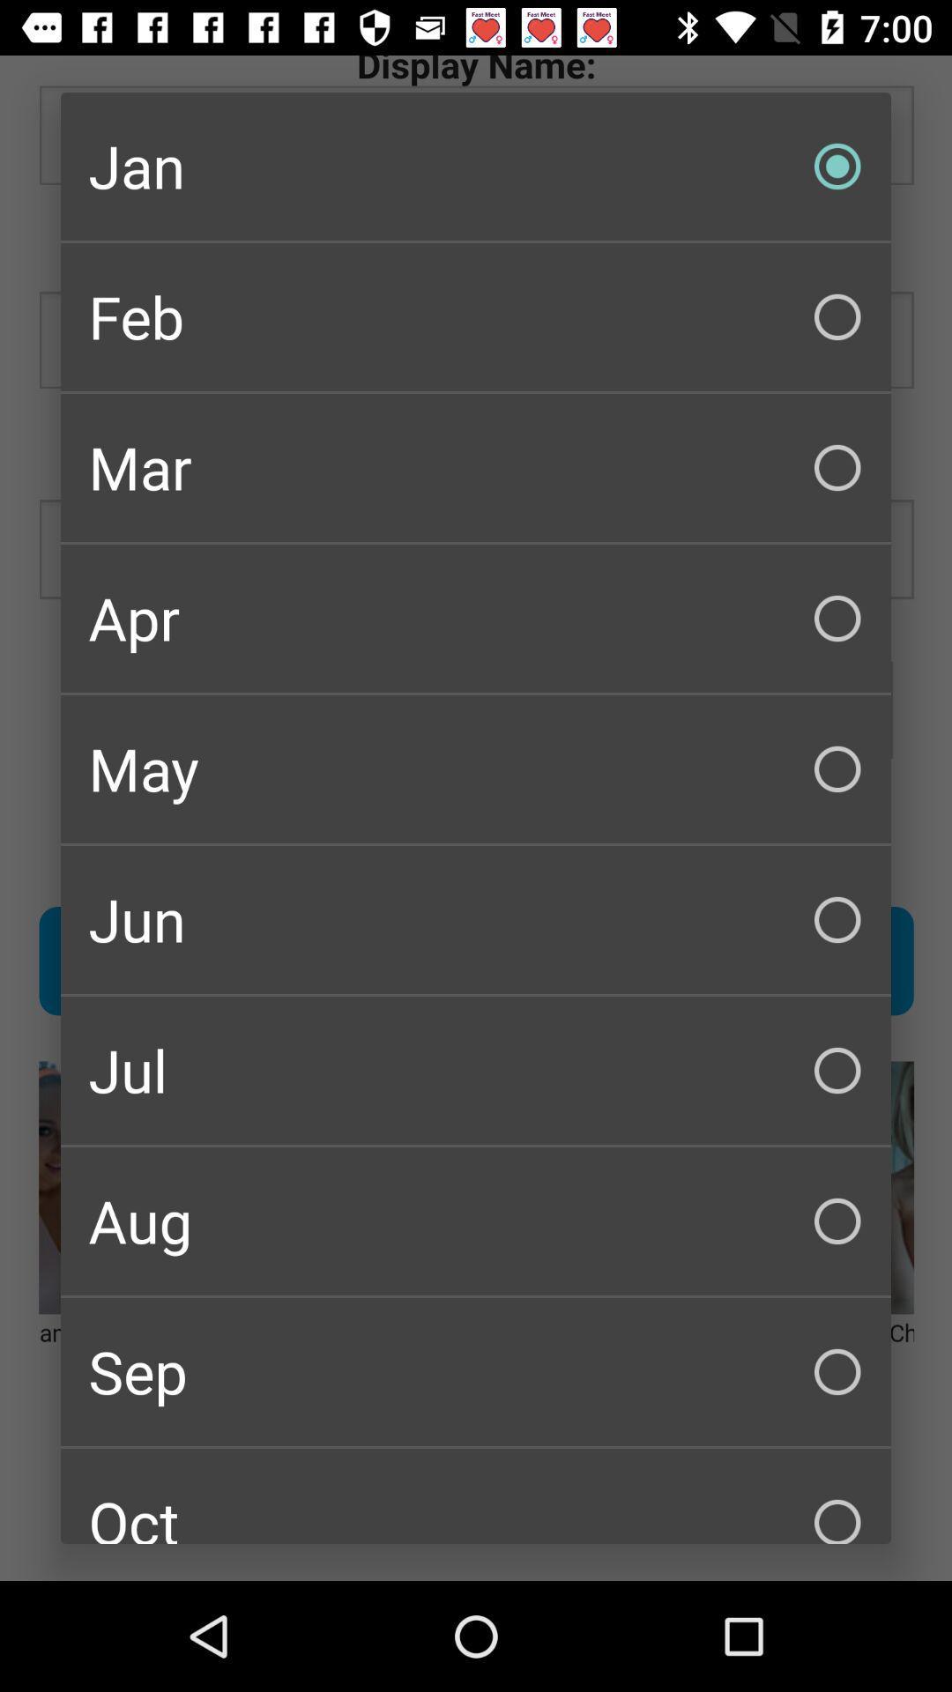 Image resolution: width=952 pixels, height=1692 pixels. What do you see at coordinates (476, 317) in the screenshot?
I see `feb checkbox` at bounding box center [476, 317].